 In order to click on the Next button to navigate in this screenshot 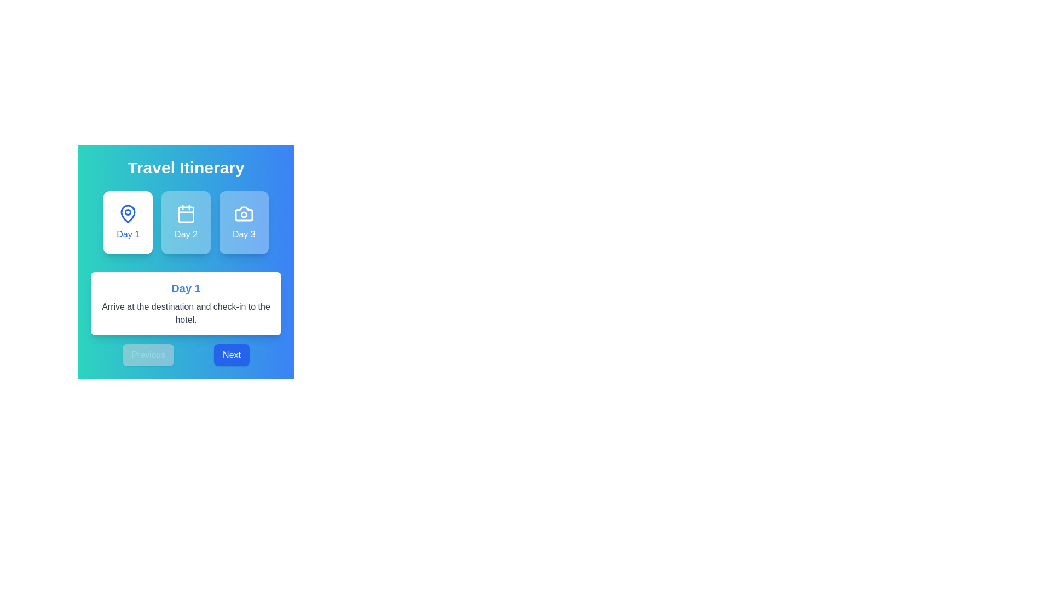, I will do `click(231, 355)`.